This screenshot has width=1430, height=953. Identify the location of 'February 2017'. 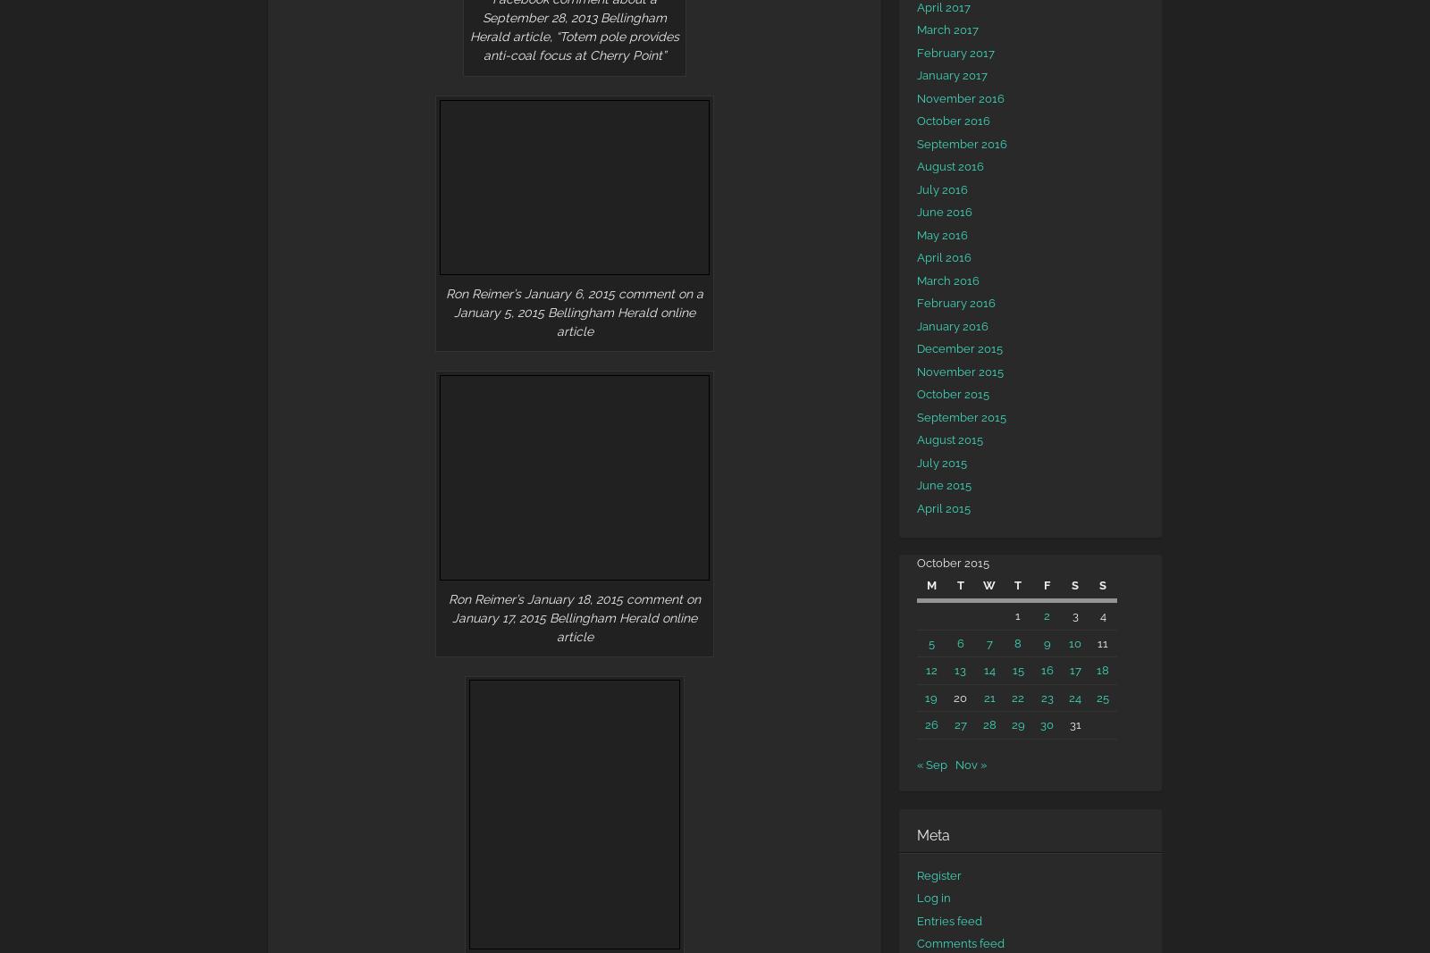
(955, 51).